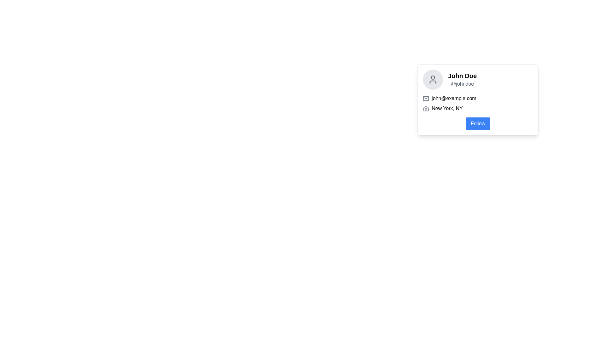 The height and width of the screenshot is (340, 605). What do you see at coordinates (432, 79) in the screenshot?
I see `the user's profile picture icon located to the left of the text 'John Doe @johndoe'` at bounding box center [432, 79].